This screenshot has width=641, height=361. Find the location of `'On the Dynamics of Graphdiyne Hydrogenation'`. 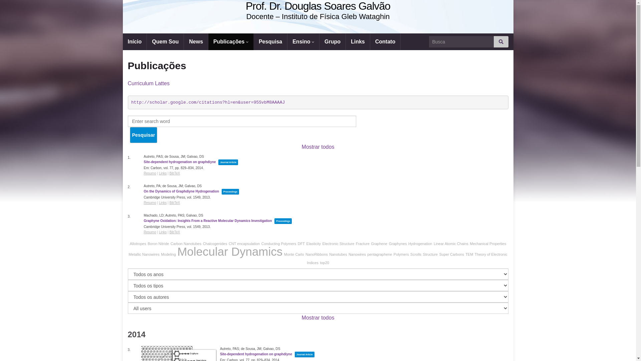

'On the Dynamics of Graphdiyne Hydrogenation' is located at coordinates (143, 191).